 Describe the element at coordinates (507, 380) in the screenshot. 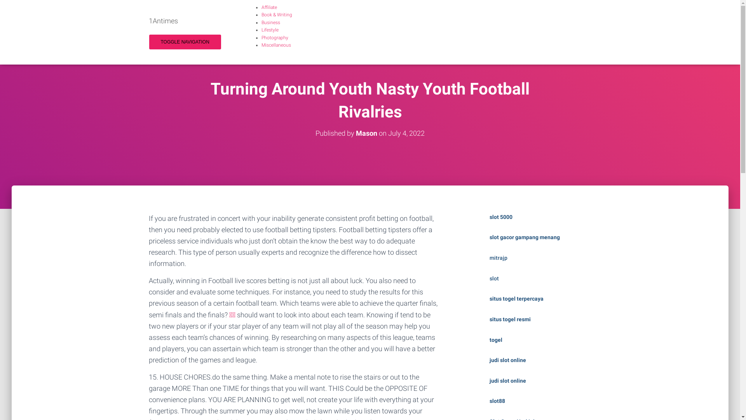

I see `'judi slot online'` at that location.